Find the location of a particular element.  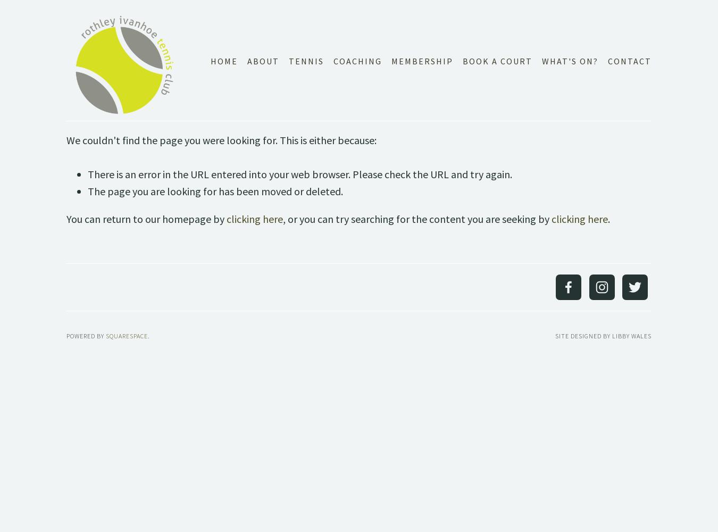

'SQUARESPACE' is located at coordinates (105, 335).